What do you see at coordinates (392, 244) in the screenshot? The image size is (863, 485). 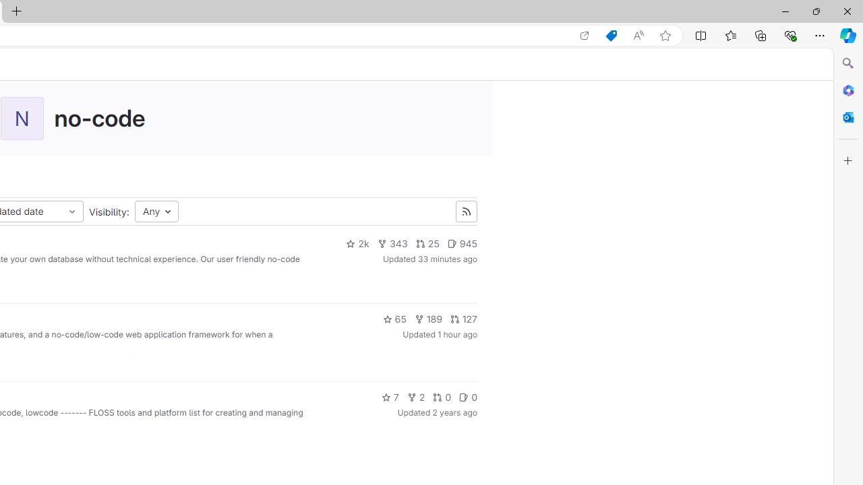 I see `'343'` at bounding box center [392, 244].